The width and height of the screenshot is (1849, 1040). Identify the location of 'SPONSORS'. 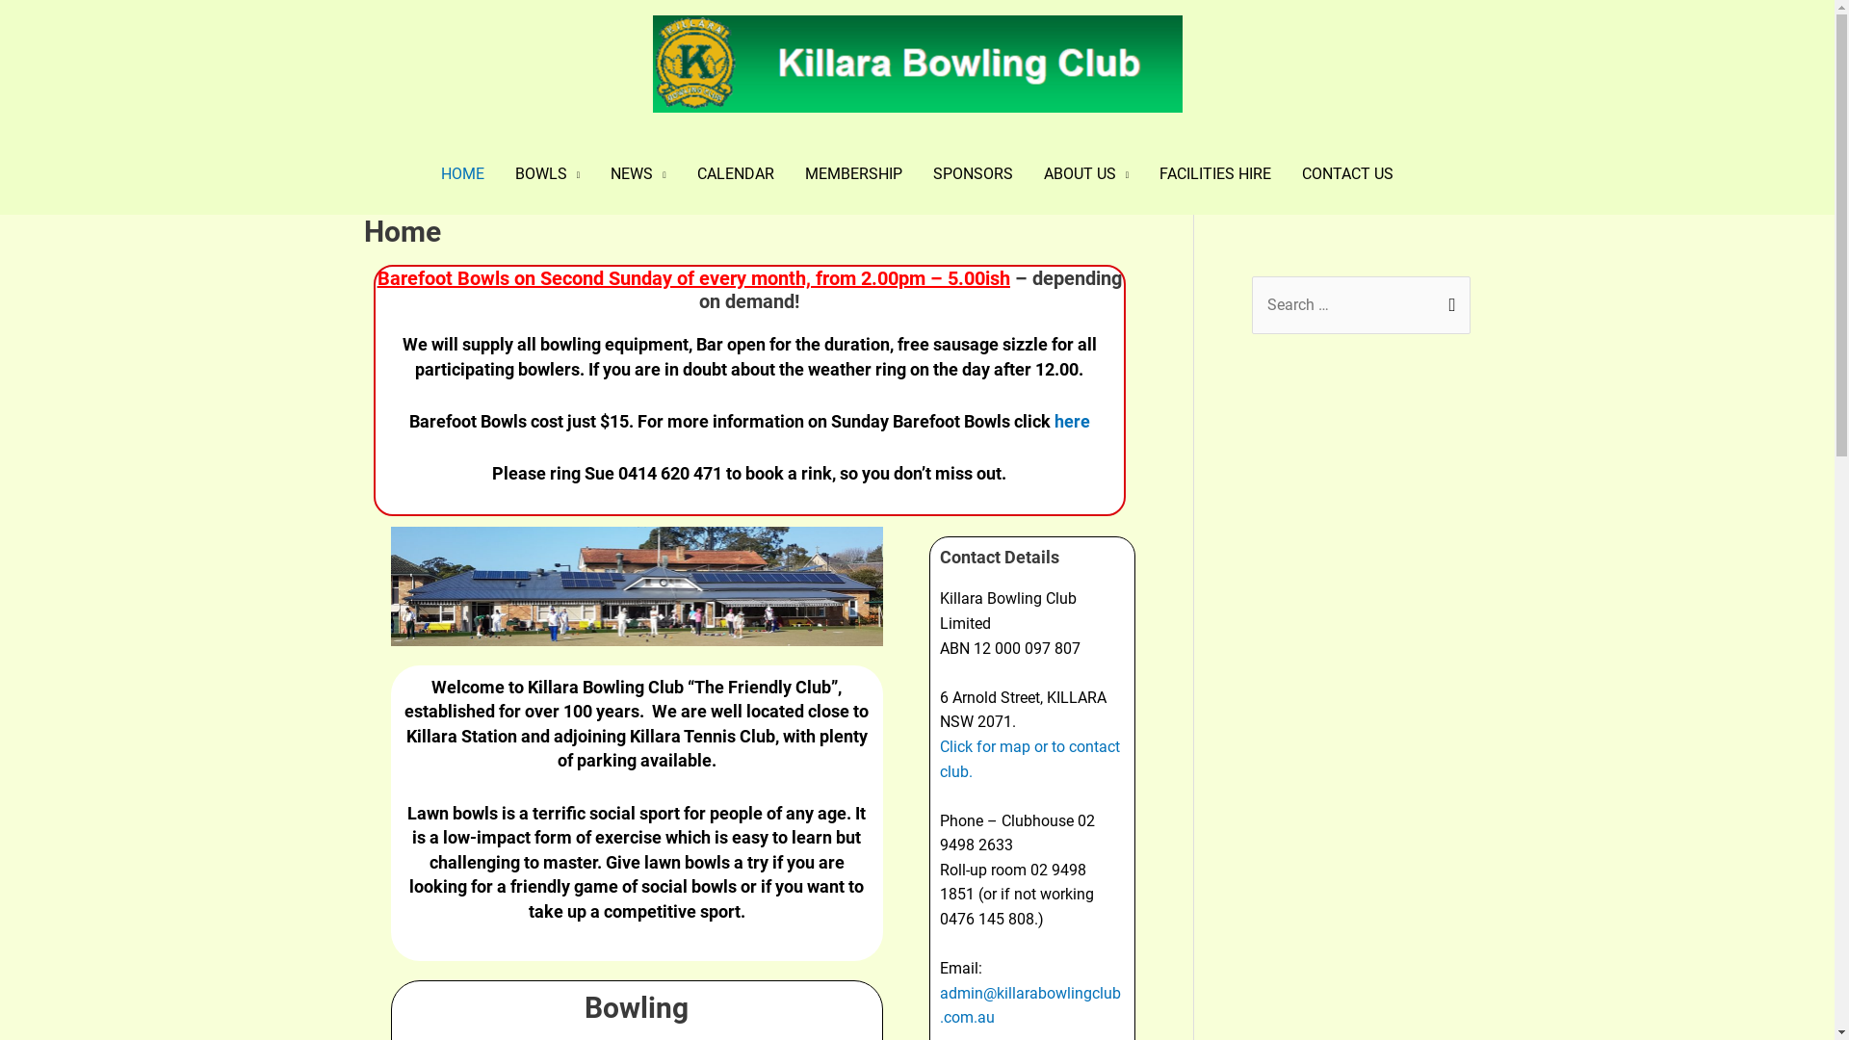
(973, 174).